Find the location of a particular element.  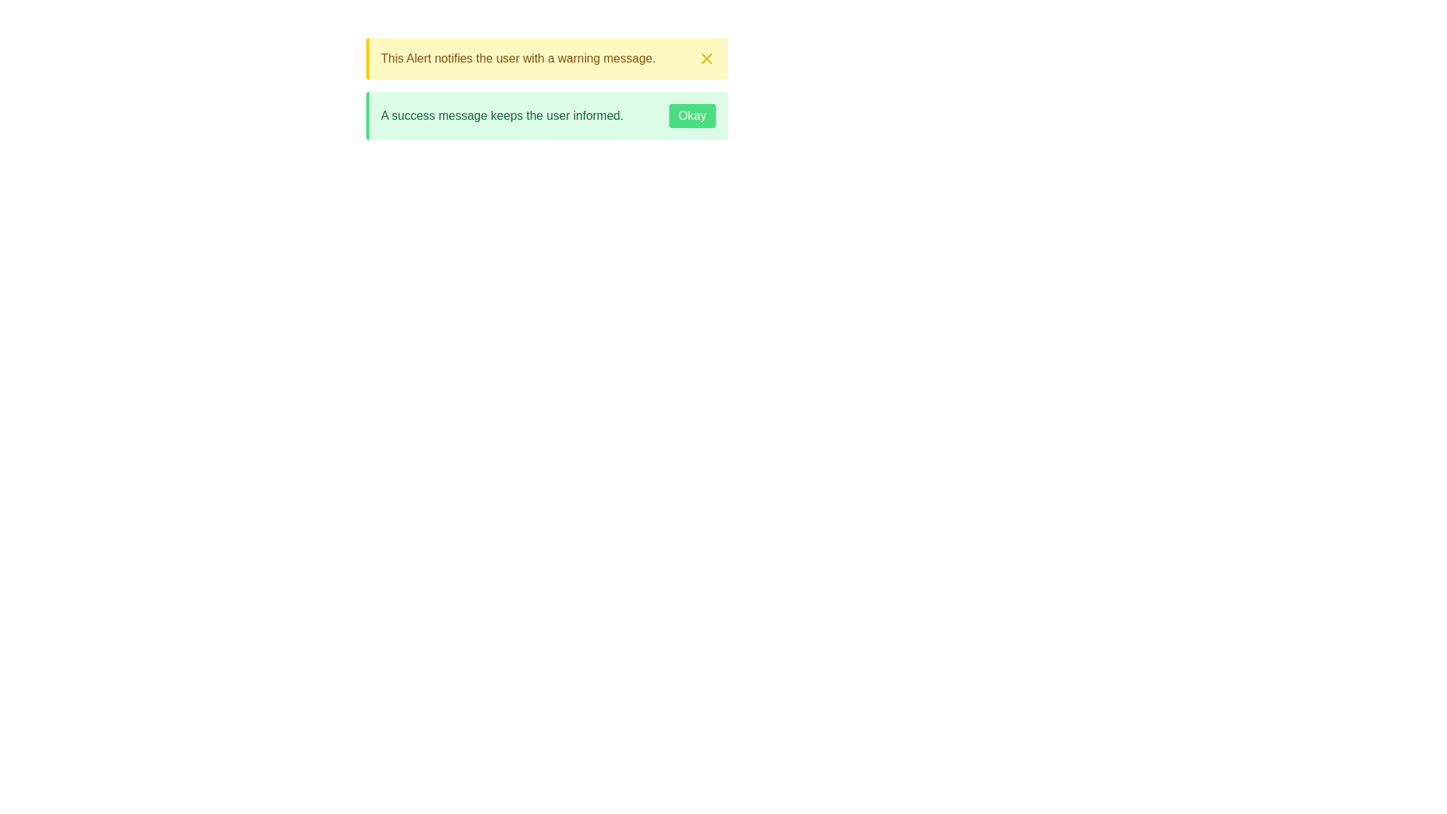

the yellow 'X' shaped icon button located at the top-right corner inside the alert box is located at coordinates (705, 57).